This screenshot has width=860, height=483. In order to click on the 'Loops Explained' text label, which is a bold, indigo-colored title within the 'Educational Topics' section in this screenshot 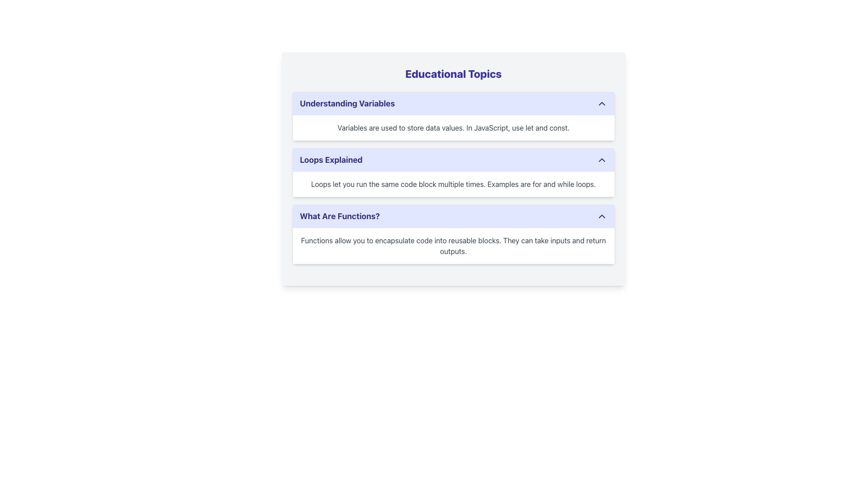, I will do `click(331, 160)`.